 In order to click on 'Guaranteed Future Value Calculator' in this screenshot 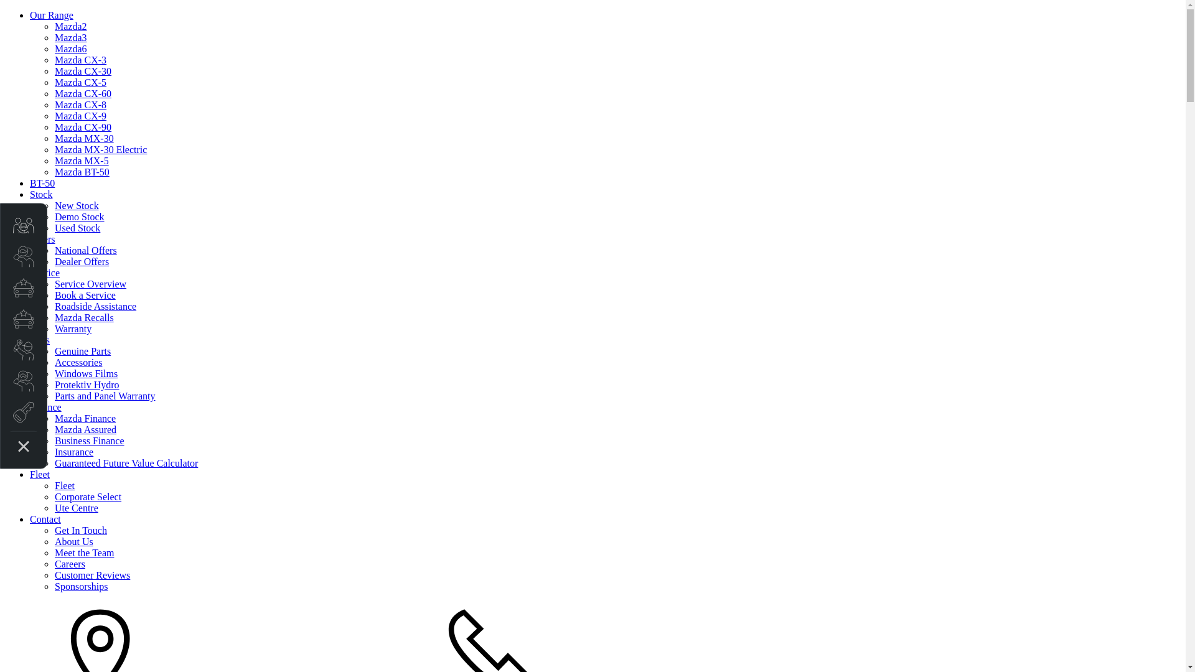, I will do `click(126, 463)`.